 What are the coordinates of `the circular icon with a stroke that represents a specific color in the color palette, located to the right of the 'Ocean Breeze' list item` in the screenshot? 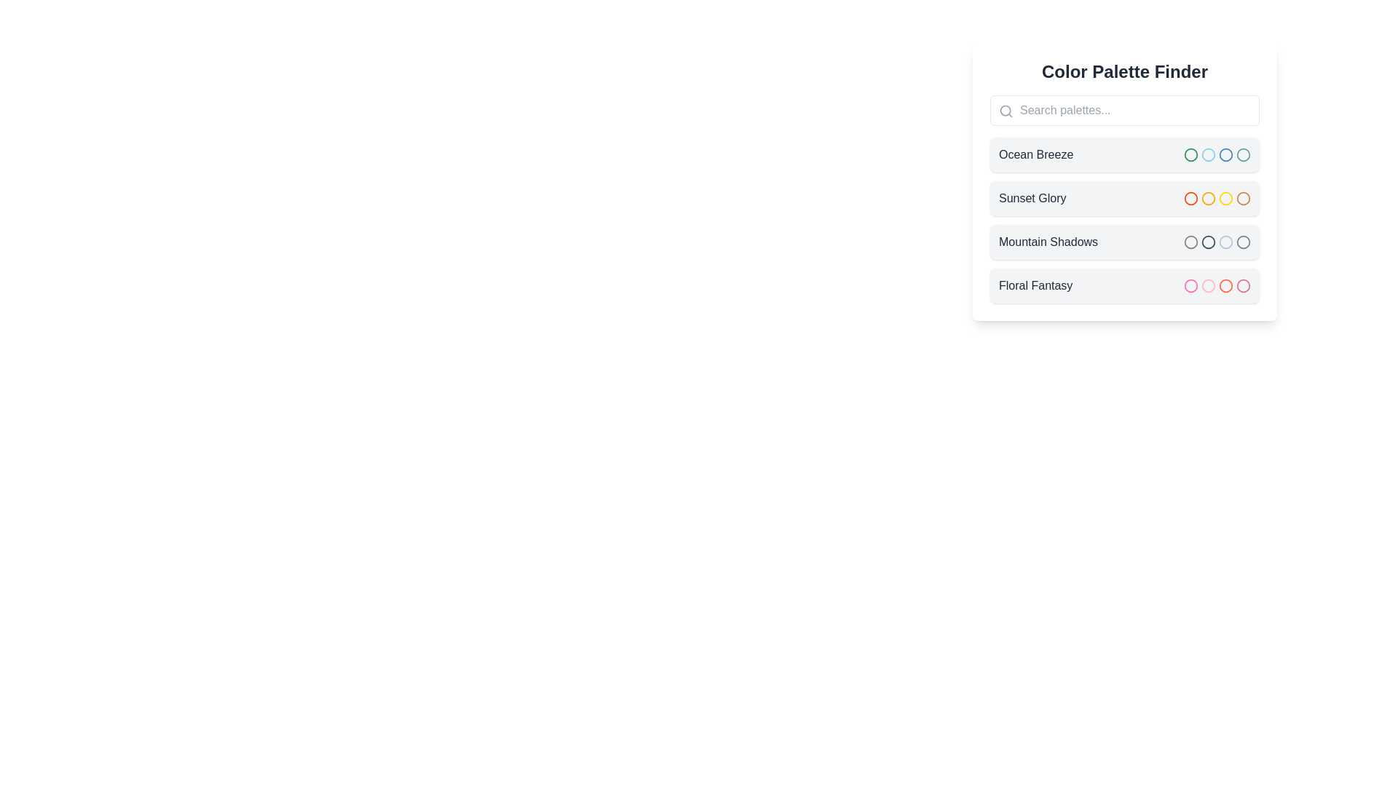 It's located at (1191, 154).